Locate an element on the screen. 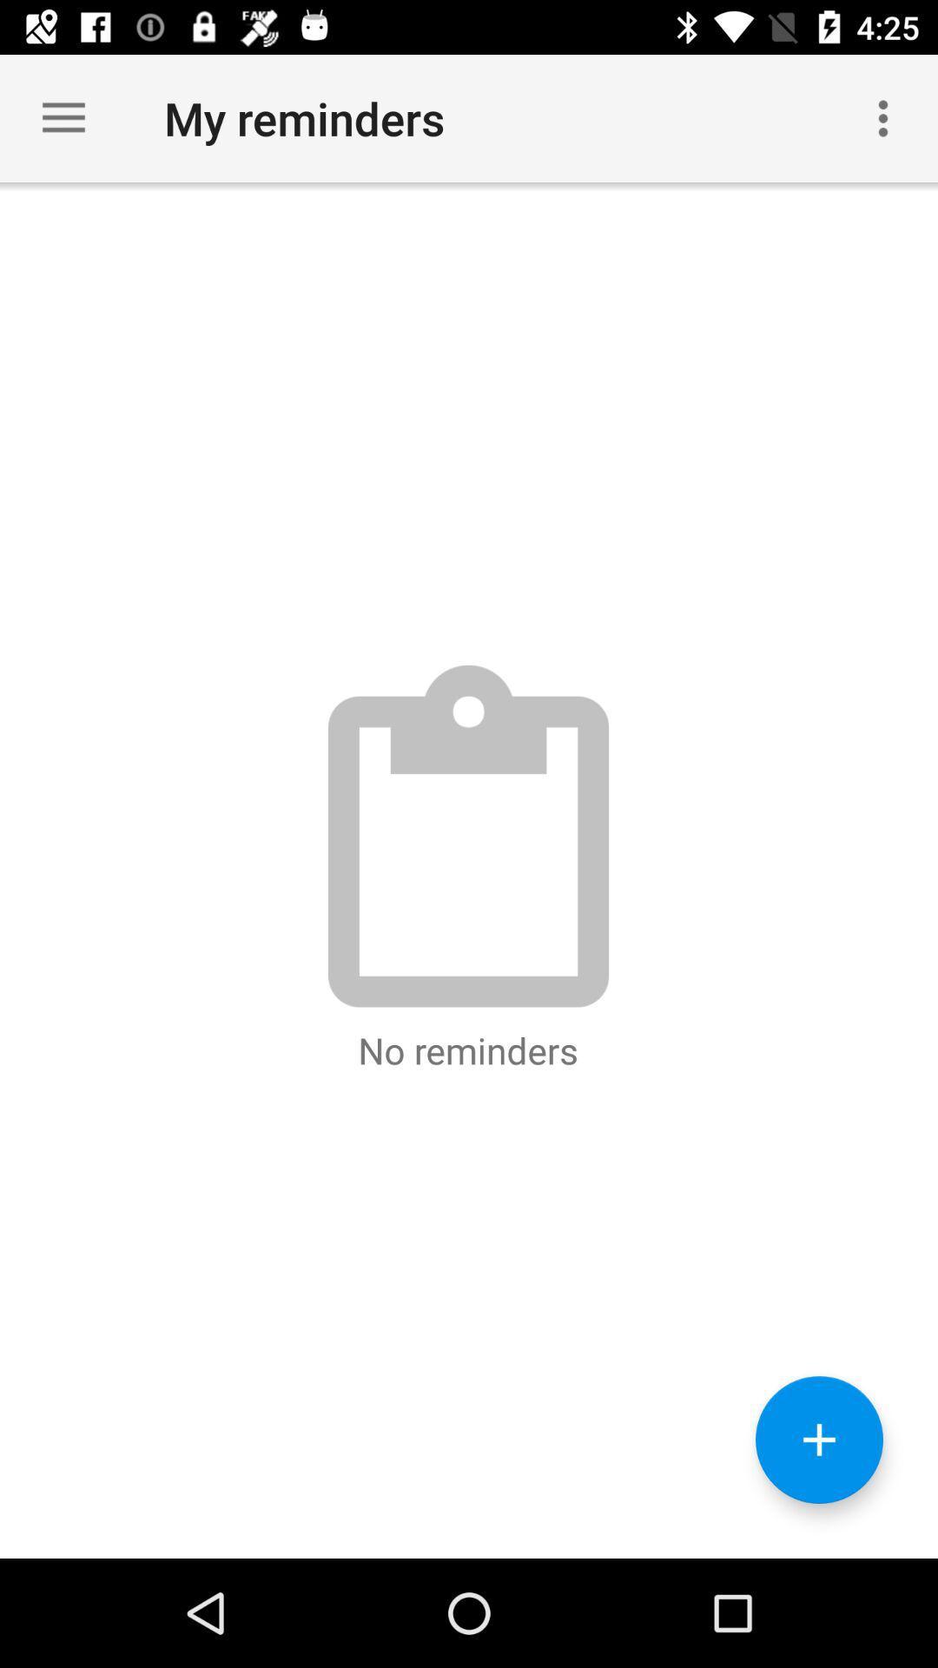 Image resolution: width=938 pixels, height=1668 pixels. the add icon is located at coordinates (819, 1440).